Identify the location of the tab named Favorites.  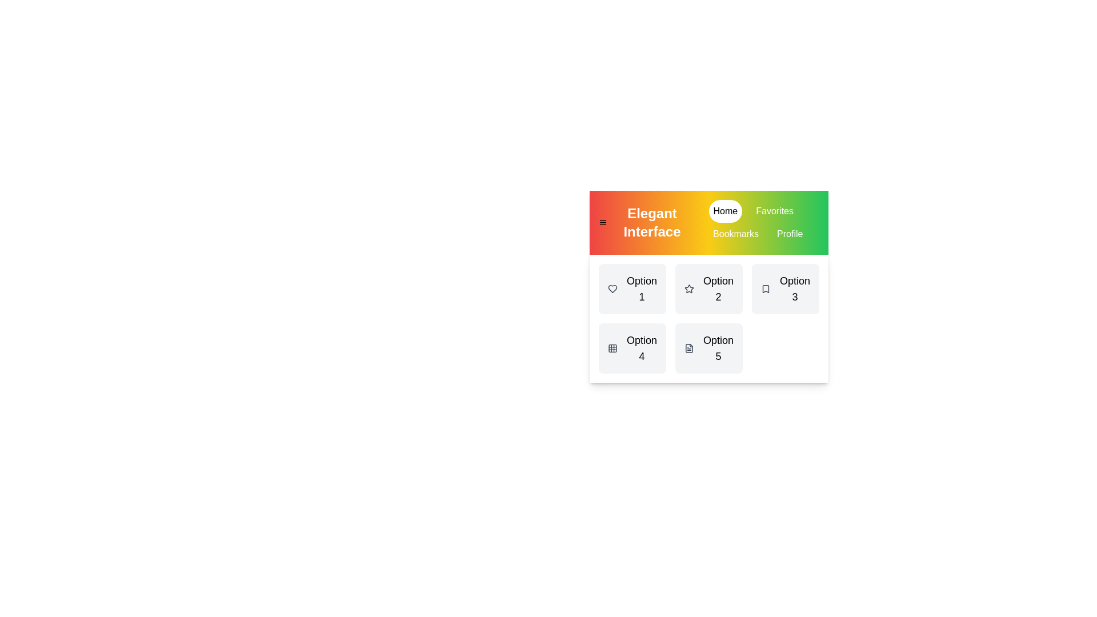
(775, 211).